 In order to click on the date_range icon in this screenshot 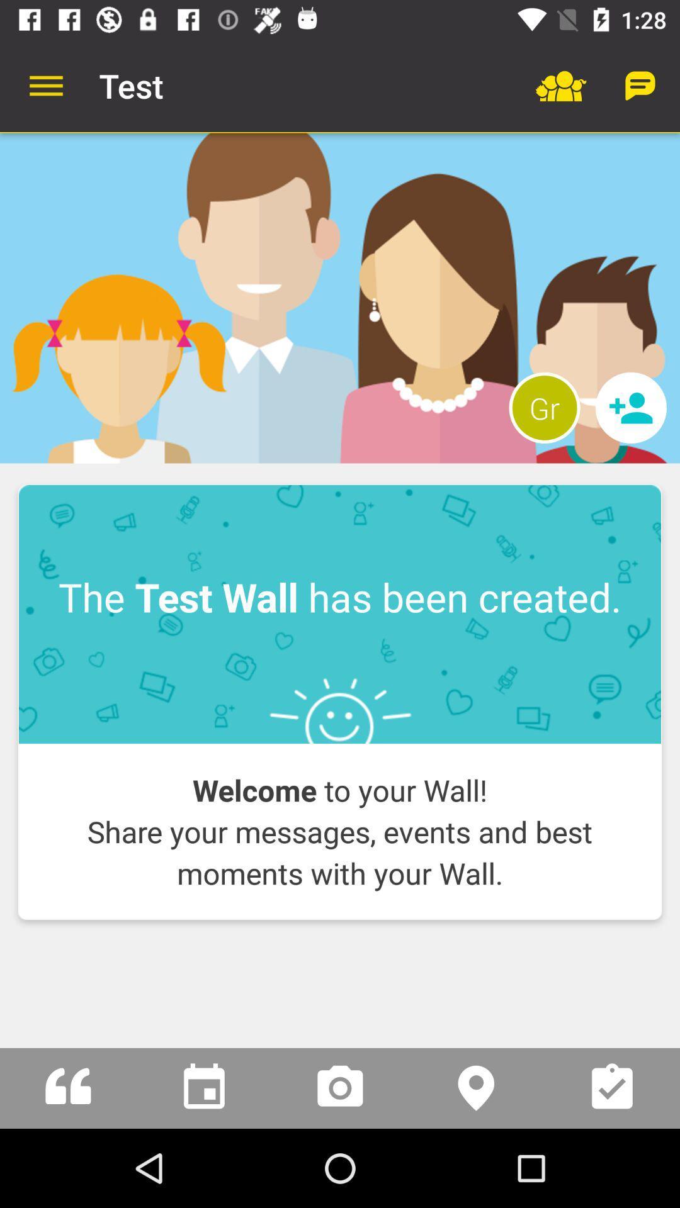, I will do `click(203, 1087)`.